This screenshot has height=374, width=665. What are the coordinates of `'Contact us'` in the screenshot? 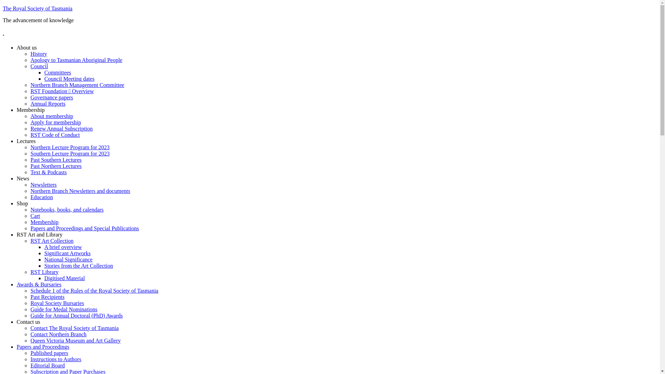 It's located at (28, 322).